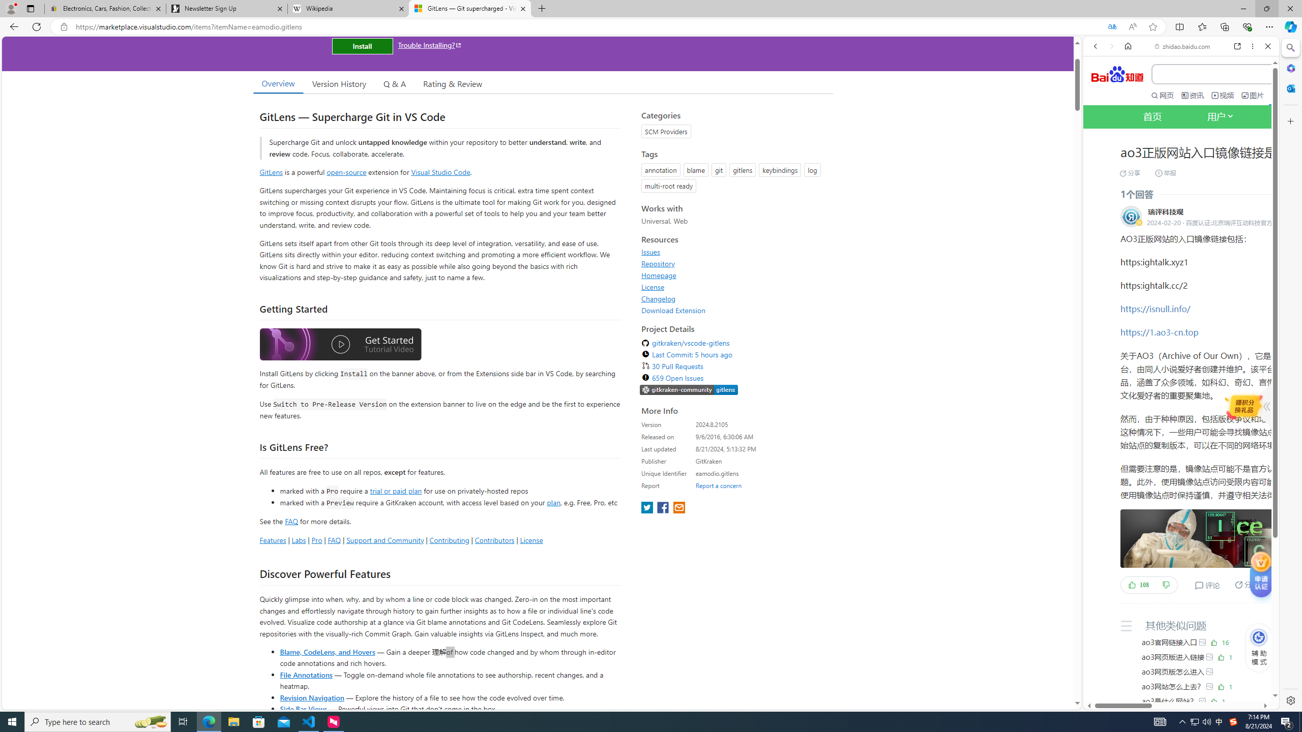 Image resolution: width=1302 pixels, height=732 pixels. What do you see at coordinates (1155, 308) in the screenshot?
I see `'https://isnull.info/'` at bounding box center [1155, 308].